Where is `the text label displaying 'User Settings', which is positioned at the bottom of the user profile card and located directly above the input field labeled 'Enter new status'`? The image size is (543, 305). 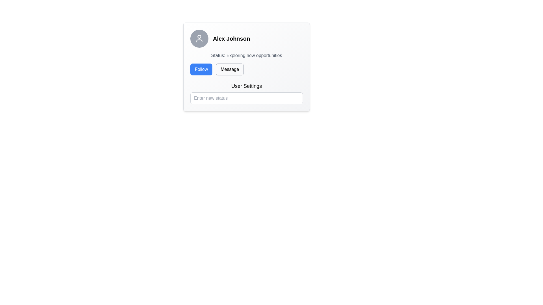 the text label displaying 'User Settings', which is positioned at the bottom of the user profile card and located directly above the input field labeled 'Enter new status' is located at coordinates (247, 86).